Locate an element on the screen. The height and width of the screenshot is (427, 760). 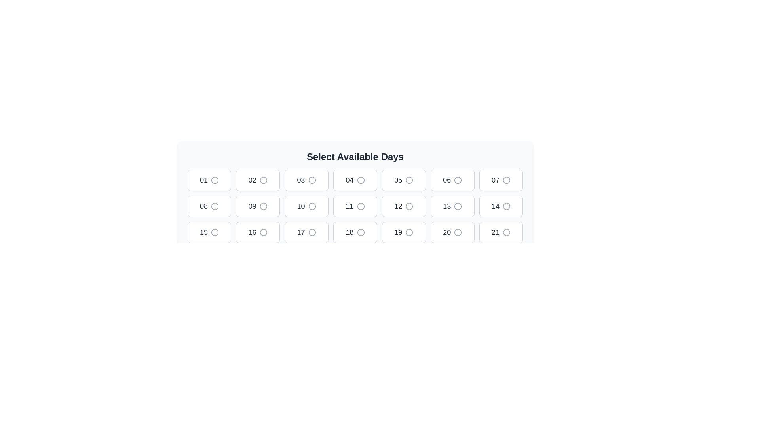
the circular element representing a radio button in the second row and seventh column of the grid for selectable days is located at coordinates (507, 206).